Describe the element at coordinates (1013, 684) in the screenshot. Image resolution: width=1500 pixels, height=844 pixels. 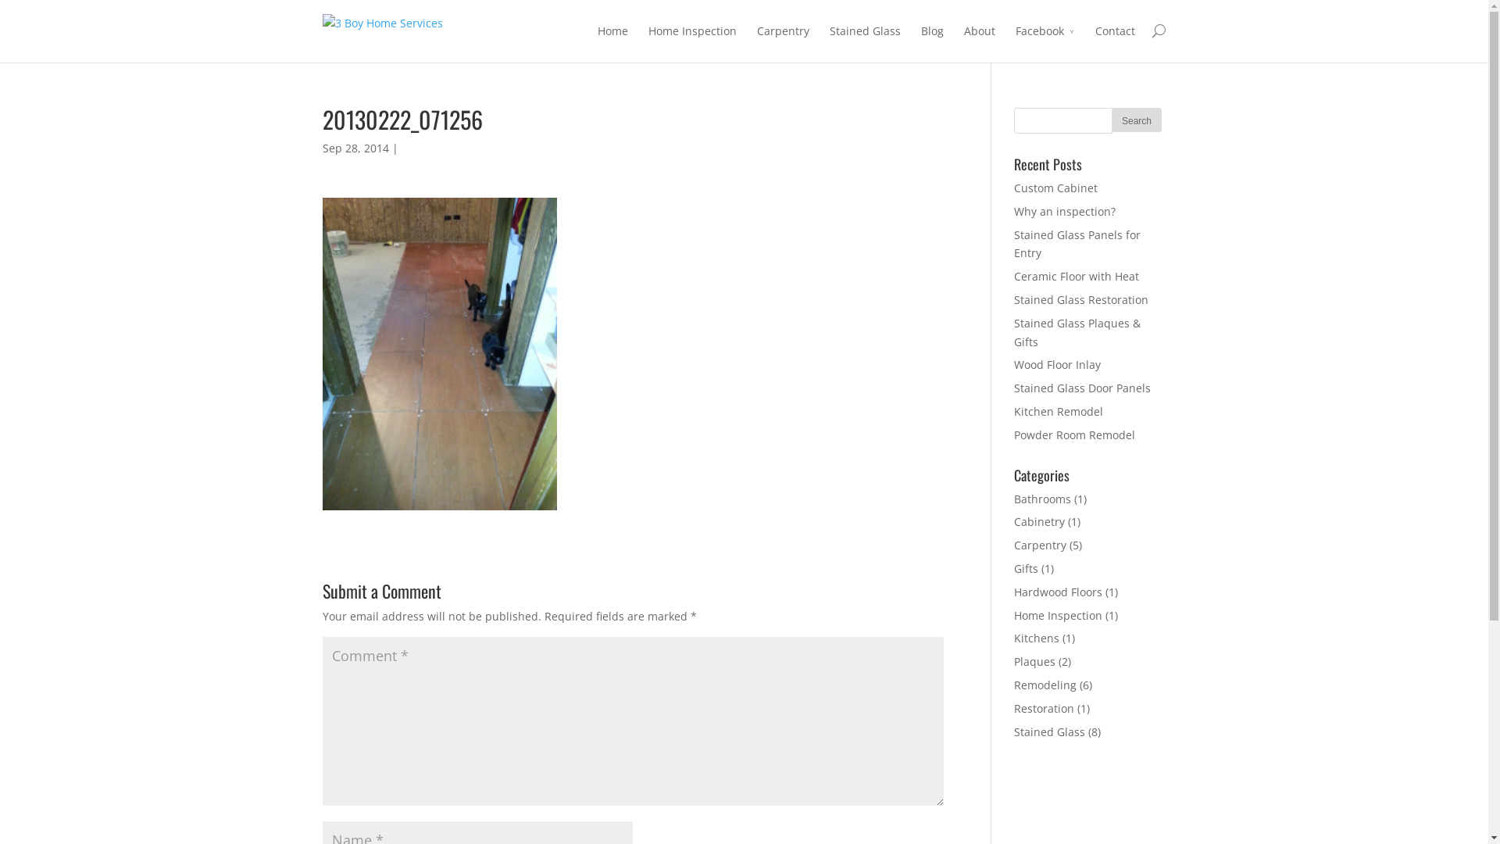
I see `'Remodeling'` at that location.